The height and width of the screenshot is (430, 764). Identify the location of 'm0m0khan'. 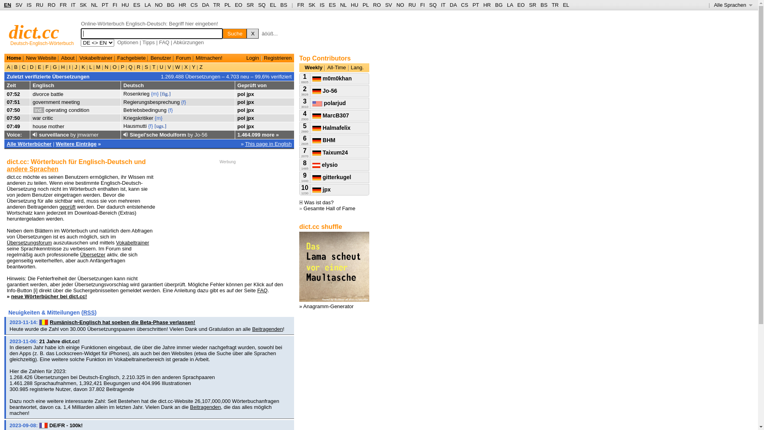
(332, 78).